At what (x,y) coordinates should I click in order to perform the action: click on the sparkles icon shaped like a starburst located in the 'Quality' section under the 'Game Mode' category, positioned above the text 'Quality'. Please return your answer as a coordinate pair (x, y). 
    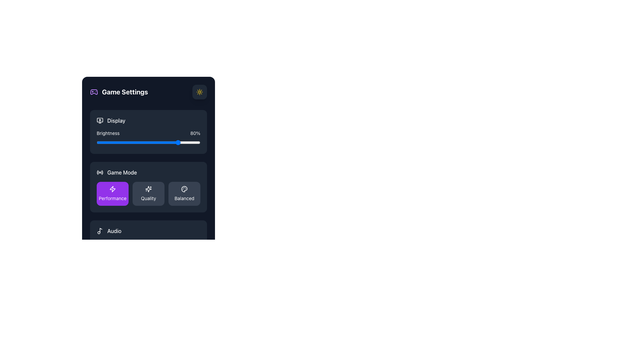
    Looking at the image, I should click on (148, 189).